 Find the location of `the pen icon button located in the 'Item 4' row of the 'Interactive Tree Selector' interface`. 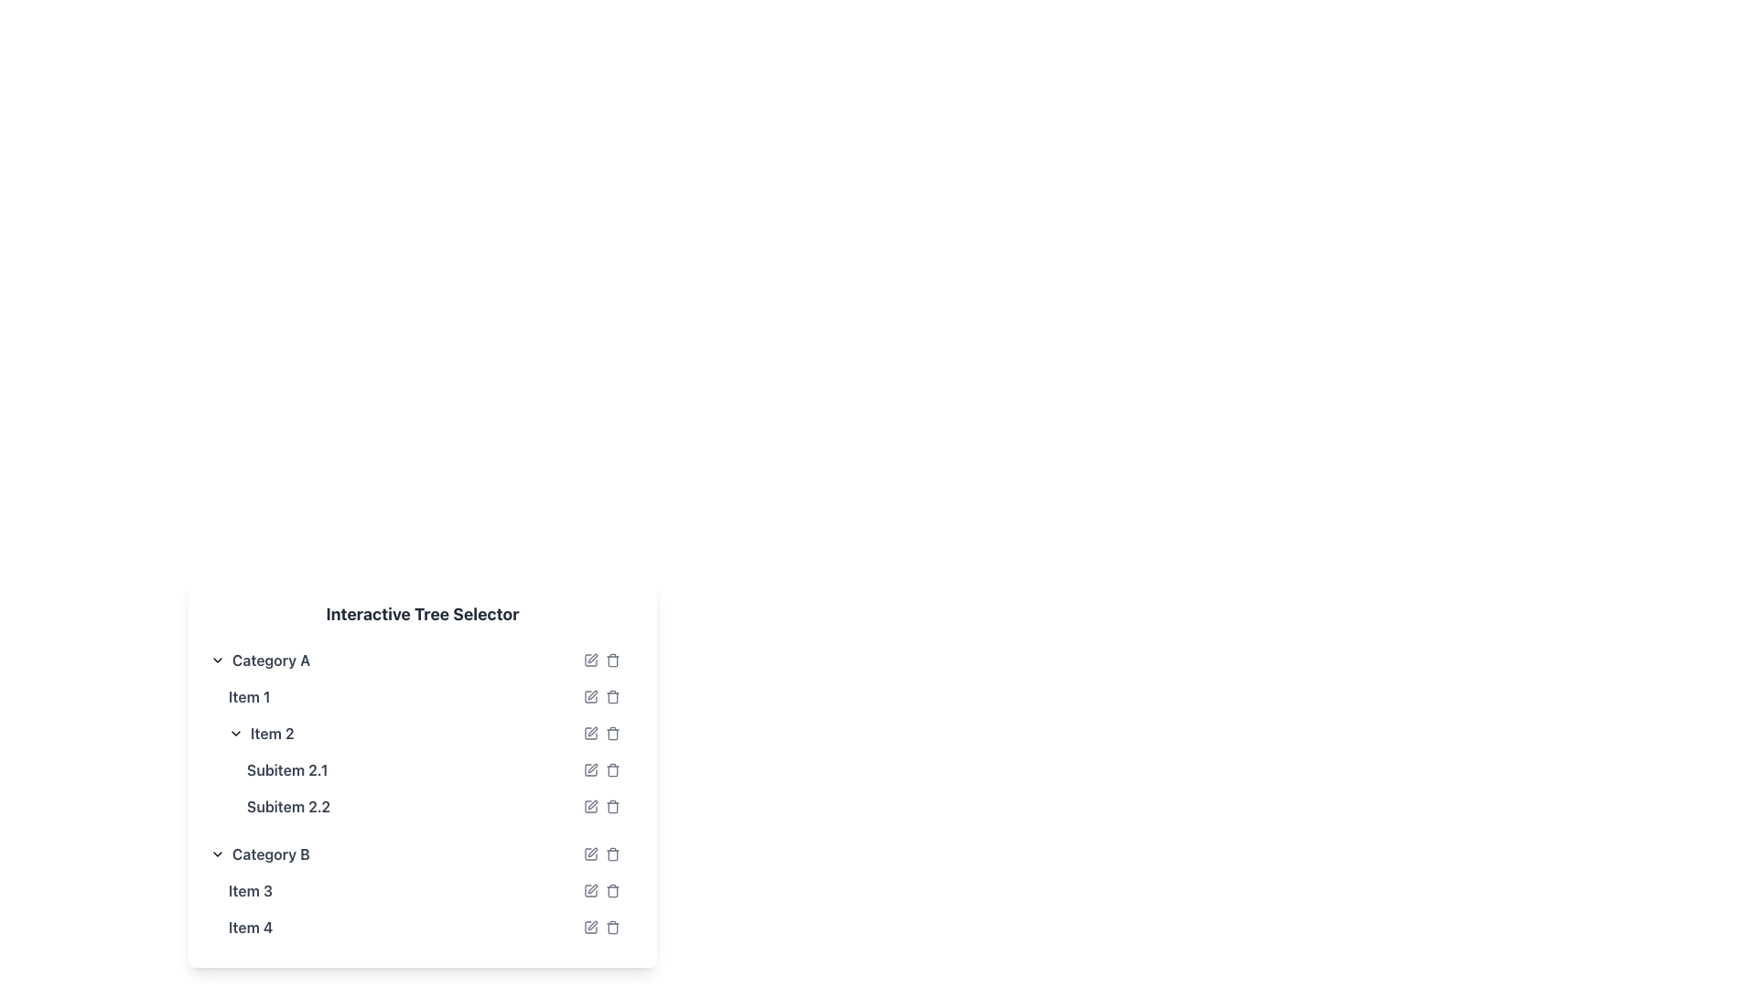

the pen icon button located in the 'Item 4' row of the 'Interactive Tree Selector' interface is located at coordinates (593, 925).